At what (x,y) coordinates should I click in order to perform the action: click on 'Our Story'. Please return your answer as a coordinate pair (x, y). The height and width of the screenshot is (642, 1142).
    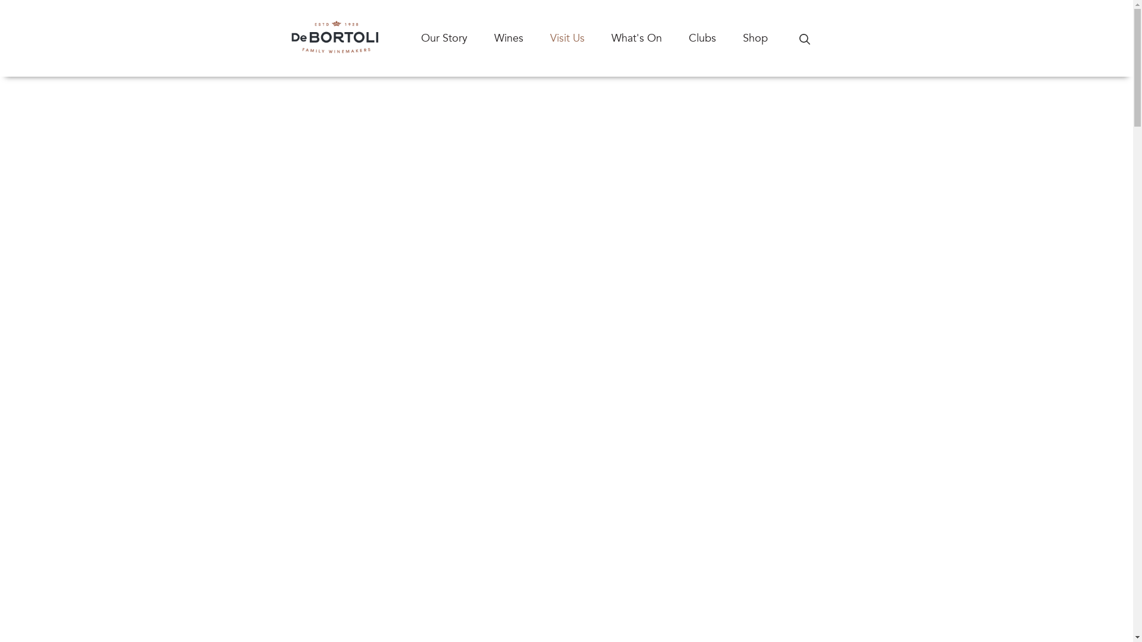
    Looking at the image, I should click on (457, 37).